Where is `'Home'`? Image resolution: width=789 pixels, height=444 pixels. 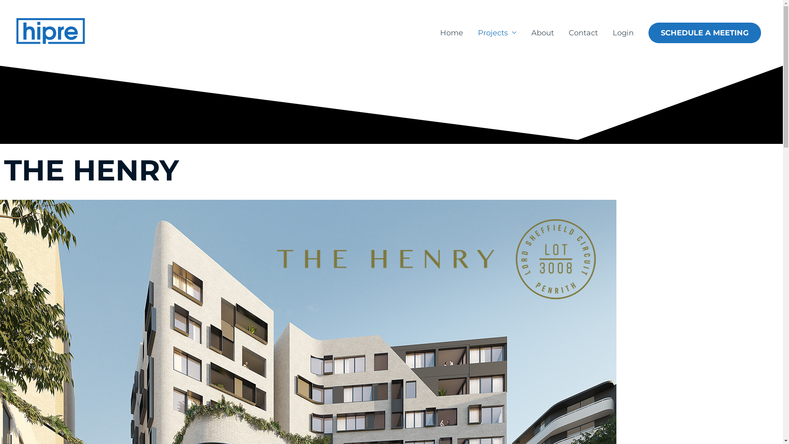 'Home' is located at coordinates (451, 32).